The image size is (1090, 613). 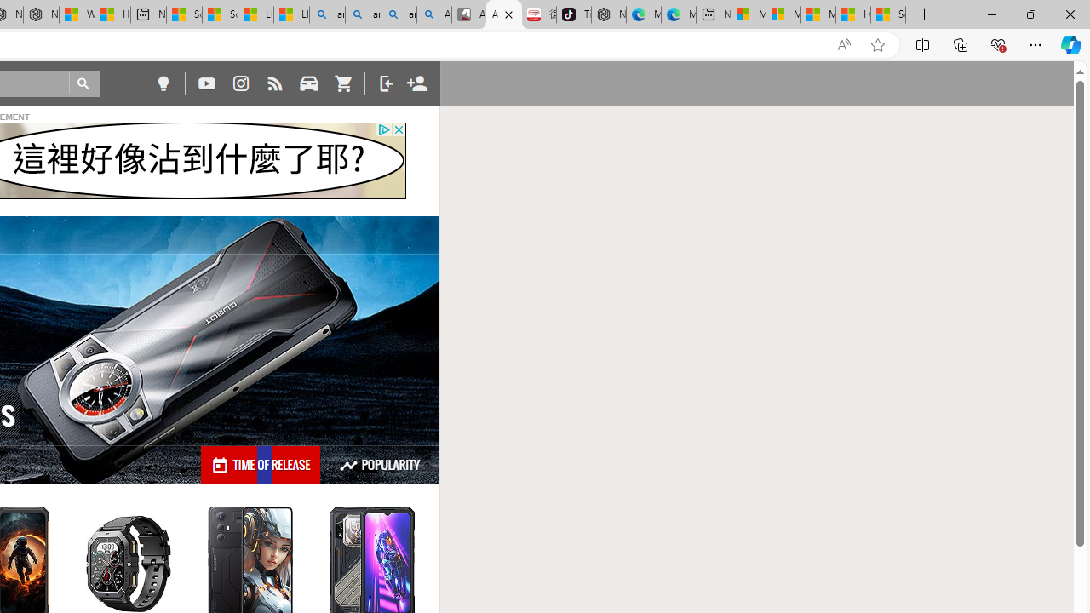 I want to click on 'Nordace - Best Sellers', so click(x=608, y=14).